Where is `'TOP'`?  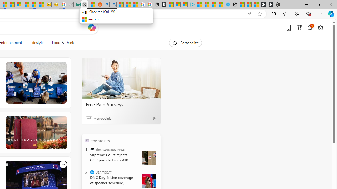 'TOP' is located at coordinates (87, 140).